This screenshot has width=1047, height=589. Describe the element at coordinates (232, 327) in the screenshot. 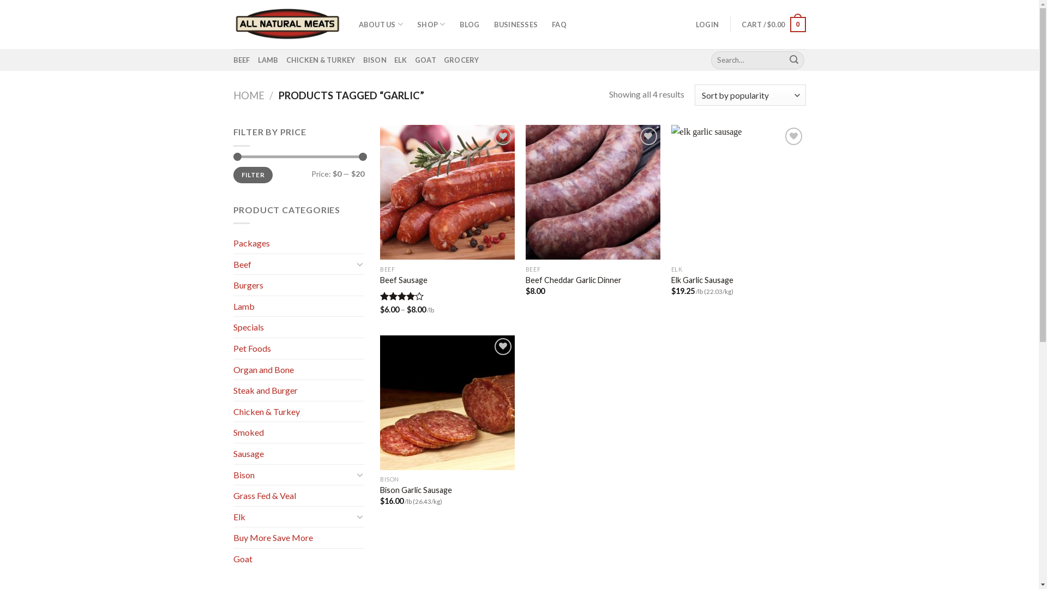

I see `'Specials'` at that location.